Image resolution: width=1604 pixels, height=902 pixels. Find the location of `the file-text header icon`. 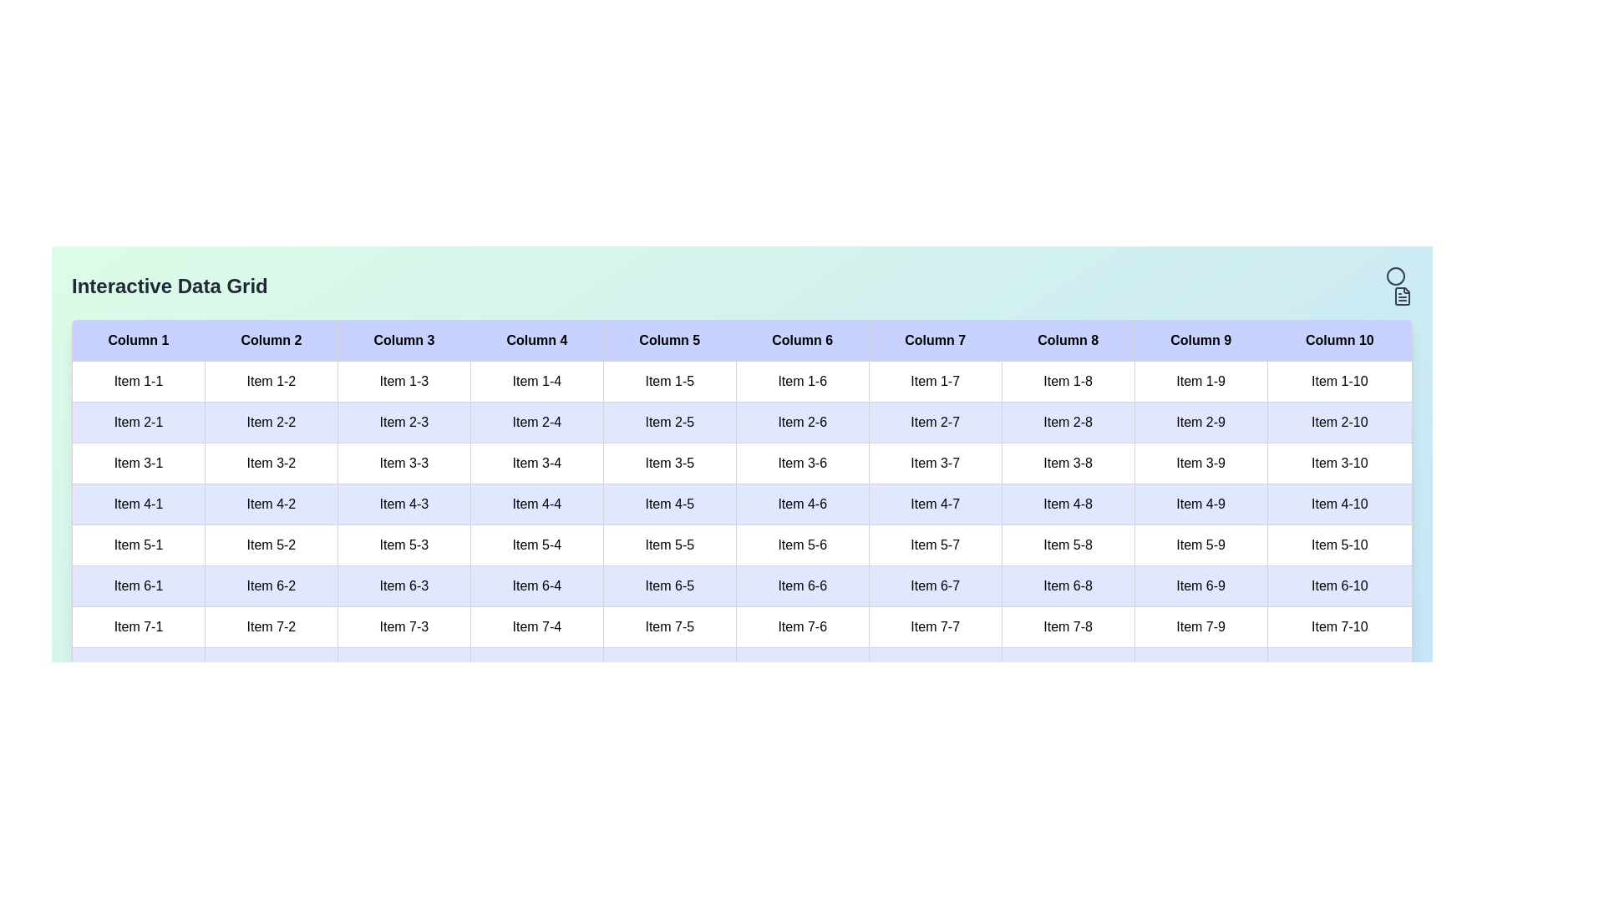

the file-text header icon is located at coordinates (1403, 295).